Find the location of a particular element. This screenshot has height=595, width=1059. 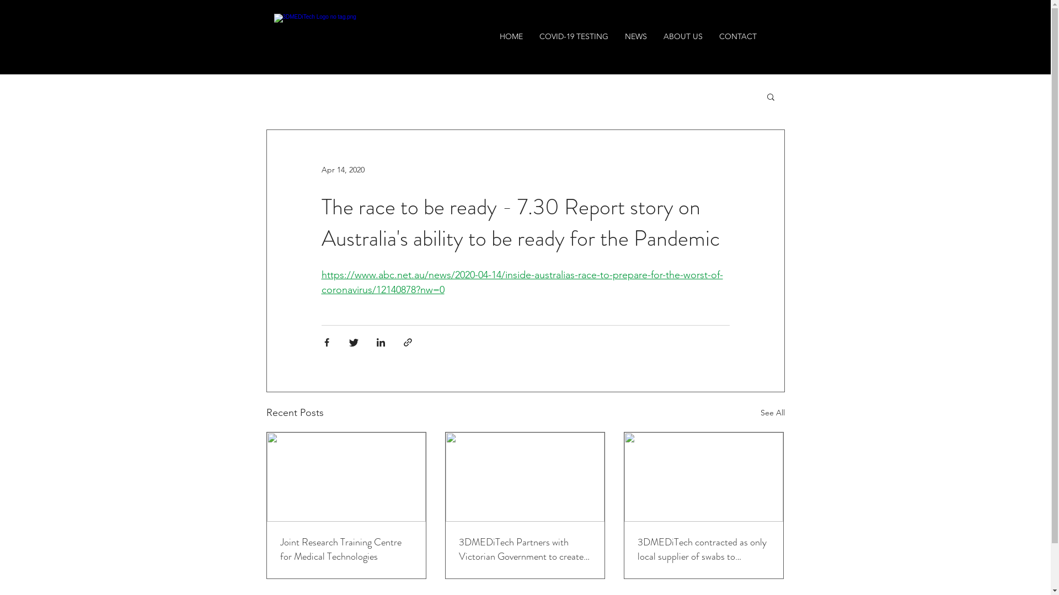

'See All' is located at coordinates (772, 413).